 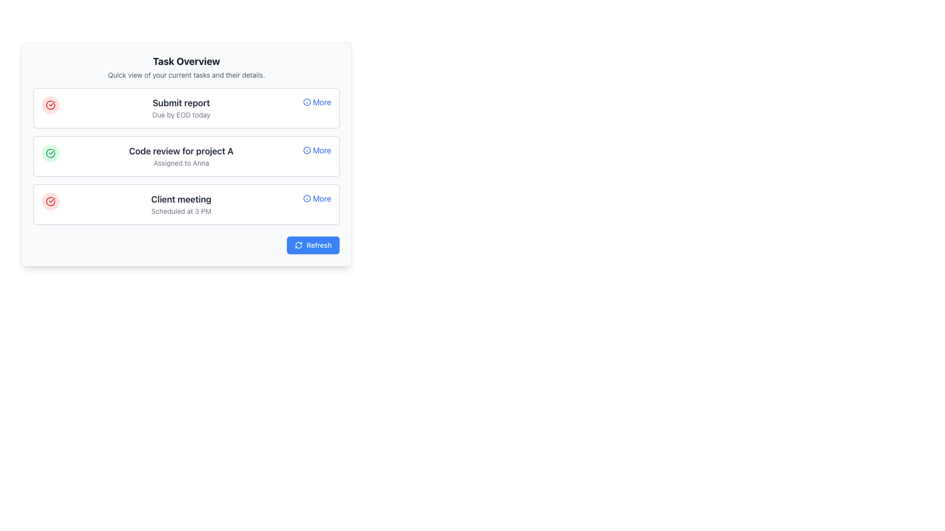 What do you see at coordinates (187, 155) in the screenshot?
I see `the task card with the bold text 'Code review for project A' and the green checkmark icon, located in the 'Task Overview' section` at bounding box center [187, 155].